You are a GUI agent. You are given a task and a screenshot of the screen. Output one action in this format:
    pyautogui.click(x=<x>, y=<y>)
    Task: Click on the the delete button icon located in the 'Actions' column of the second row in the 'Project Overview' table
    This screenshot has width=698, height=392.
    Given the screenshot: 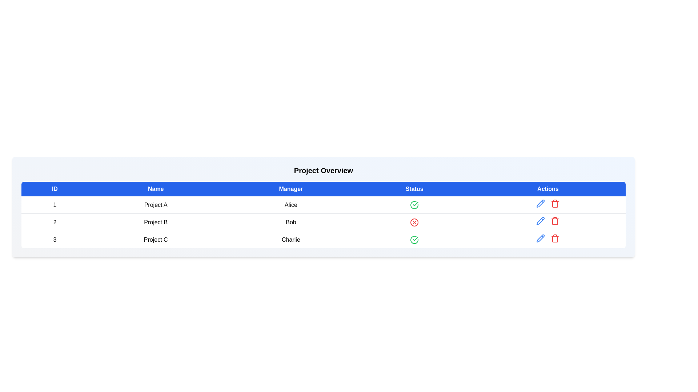 What is the action you would take?
    pyautogui.click(x=555, y=203)
    